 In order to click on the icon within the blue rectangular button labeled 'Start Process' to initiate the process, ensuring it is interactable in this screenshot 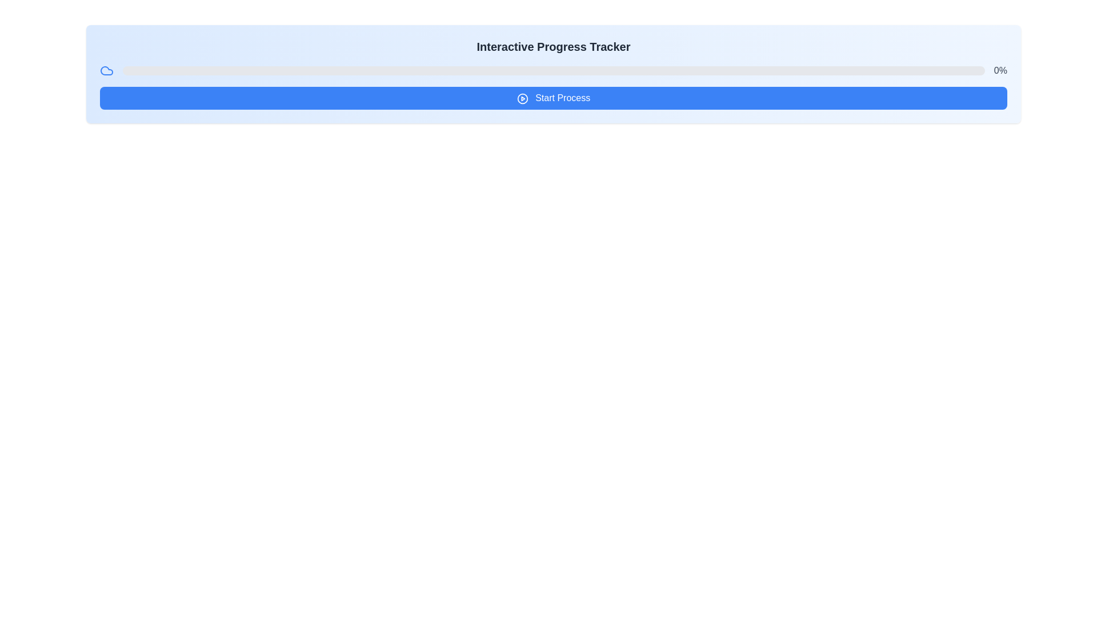, I will do `click(522, 98)`.